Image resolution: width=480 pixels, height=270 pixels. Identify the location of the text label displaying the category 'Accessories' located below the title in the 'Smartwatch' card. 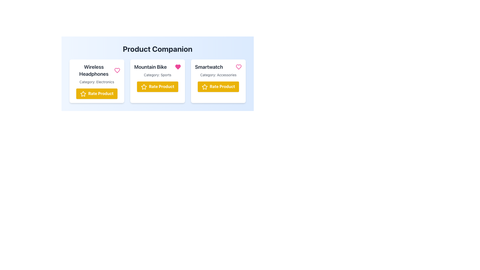
(218, 75).